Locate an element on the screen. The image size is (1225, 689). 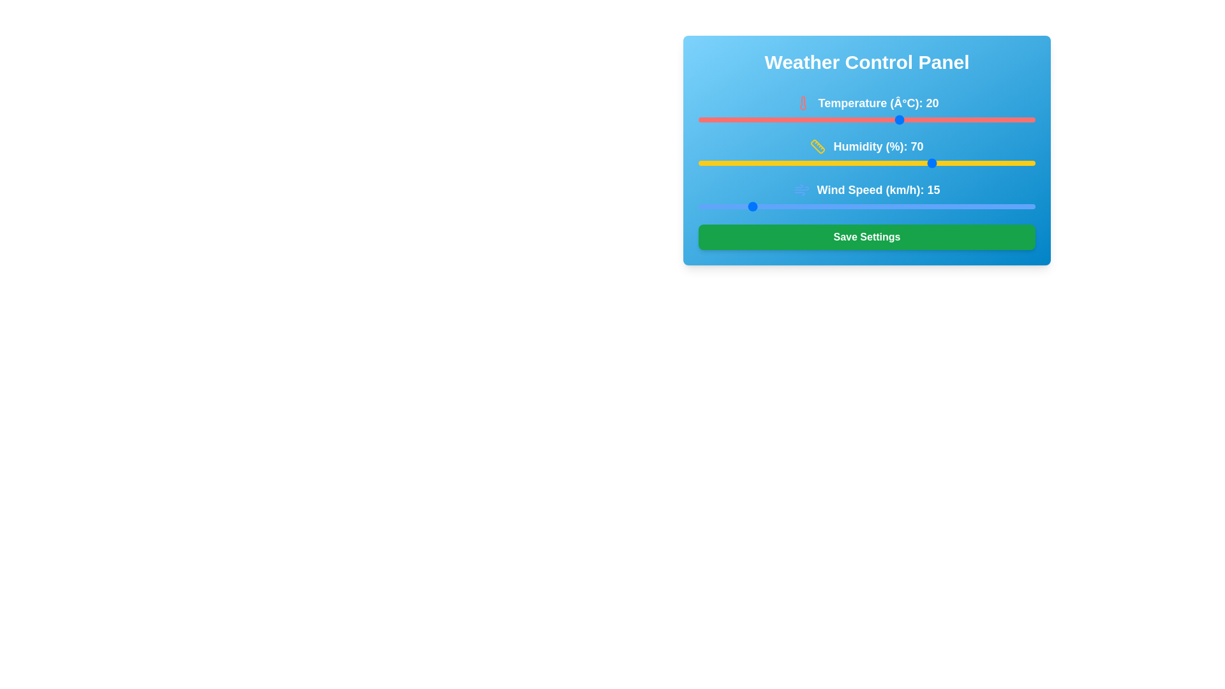
the humidity slider is located at coordinates (994, 162).